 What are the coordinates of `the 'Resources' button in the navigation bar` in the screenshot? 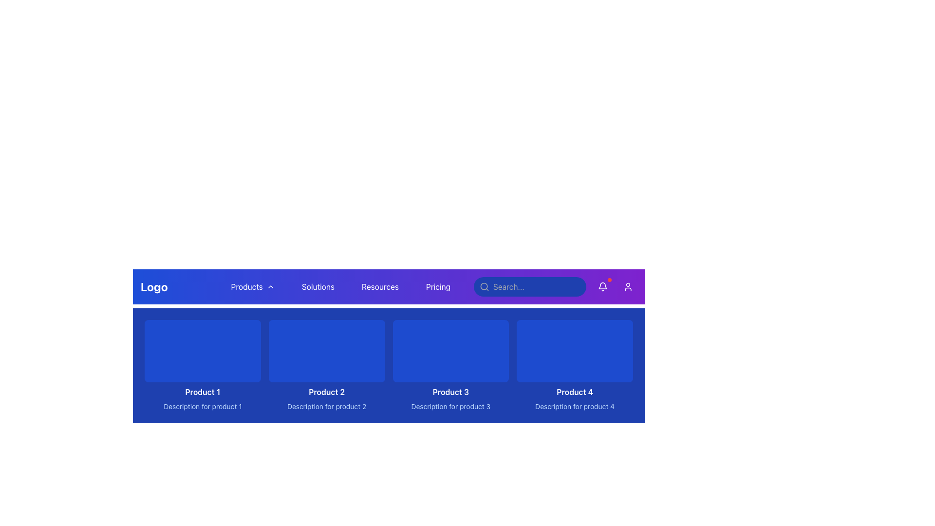 It's located at (380, 286).